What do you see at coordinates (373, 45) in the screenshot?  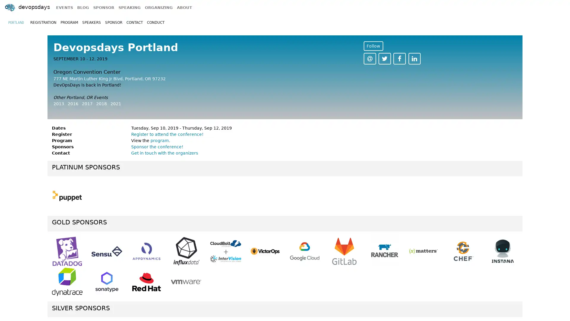 I see `Follow` at bounding box center [373, 45].